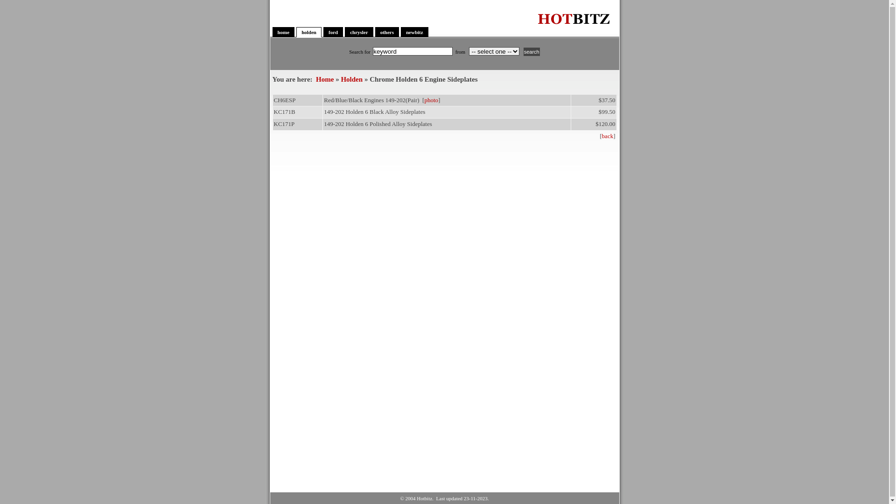 The width and height of the screenshot is (896, 504). Describe the element at coordinates (532, 52) in the screenshot. I see `'search'` at that location.